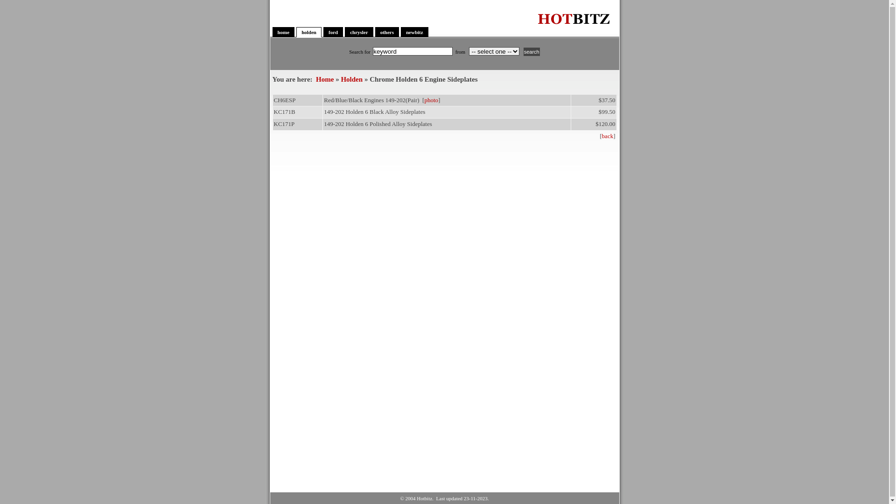 The width and height of the screenshot is (896, 504). Describe the element at coordinates (532, 52) in the screenshot. I see `'search'` at that location.